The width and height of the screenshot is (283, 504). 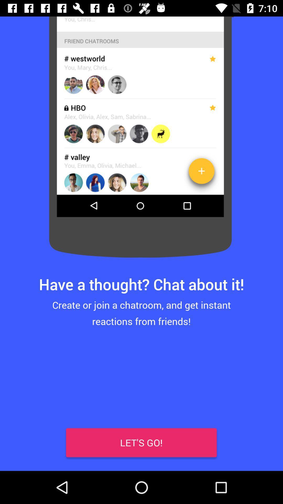 What do you see at coordinates (16, 454) in the screenshot?
I see `item at the bottom left corner` at bounding box center [16, 454].